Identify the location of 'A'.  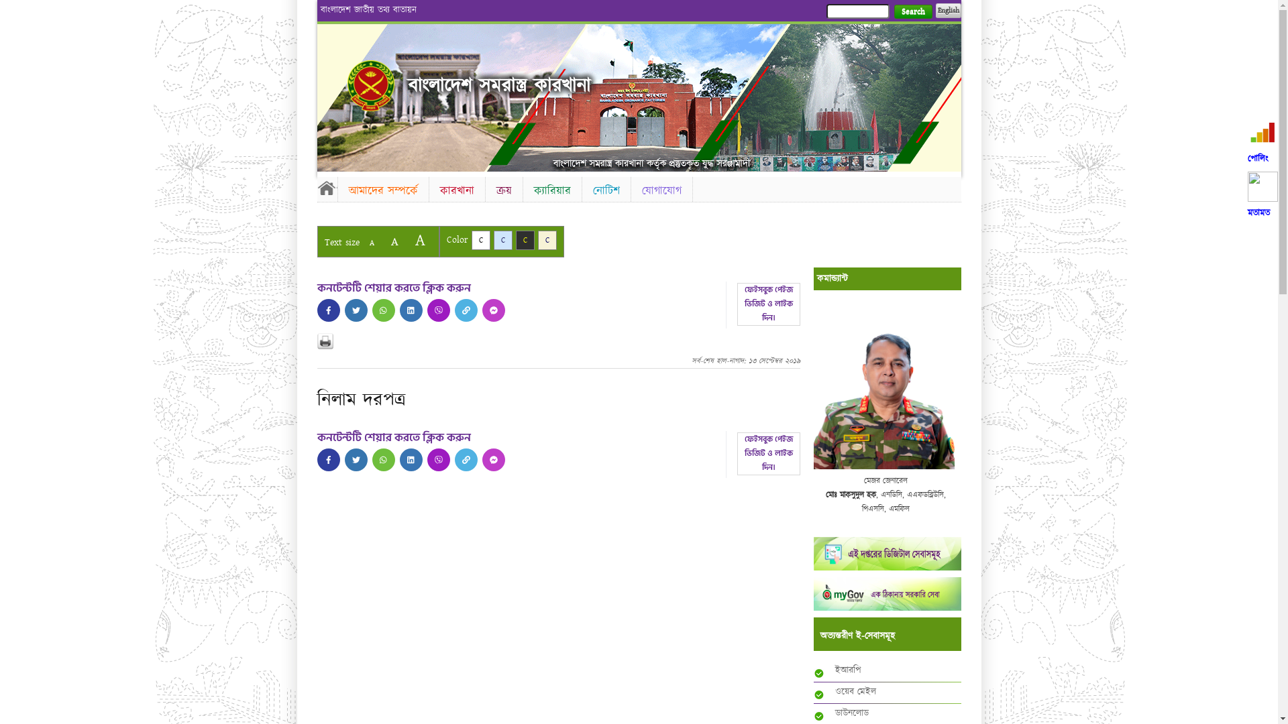
(382, 241).